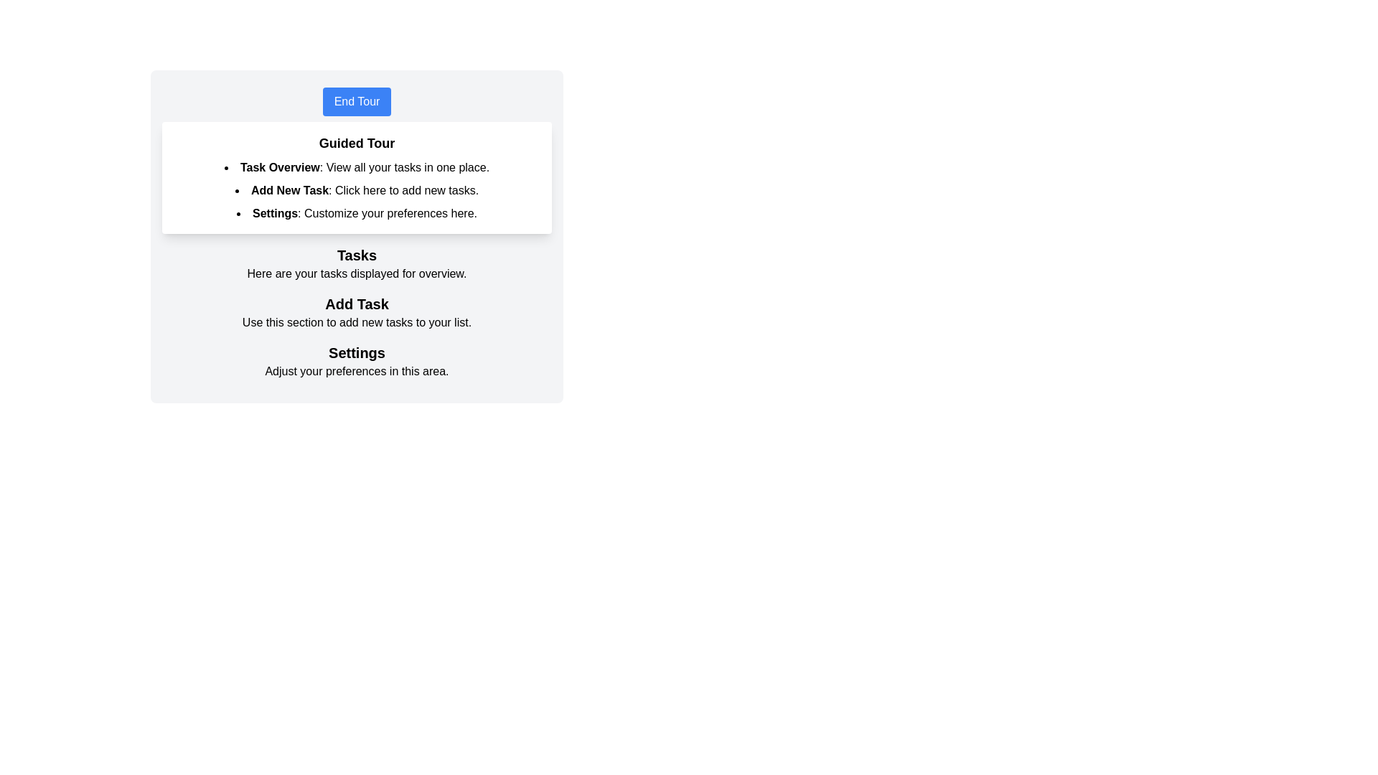 The height and width of the screenshot is (775, 1378). I want to click on the 'Settings' text label, which is the third item in a bulleted list under the heading 'Guided Tour', so click(275, 213).